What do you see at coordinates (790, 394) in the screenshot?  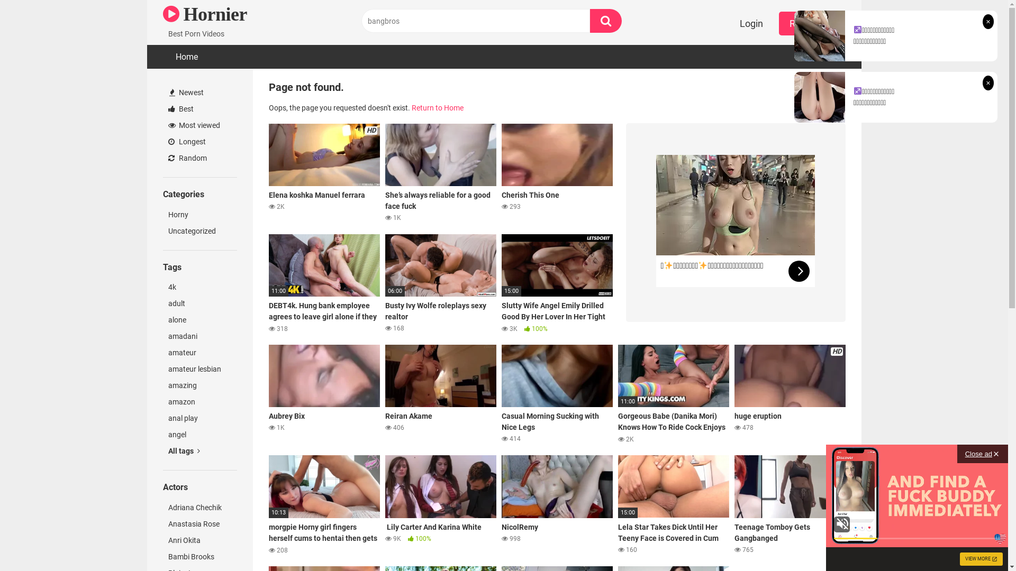 I see `'HD` at bounding box center [790, 394].